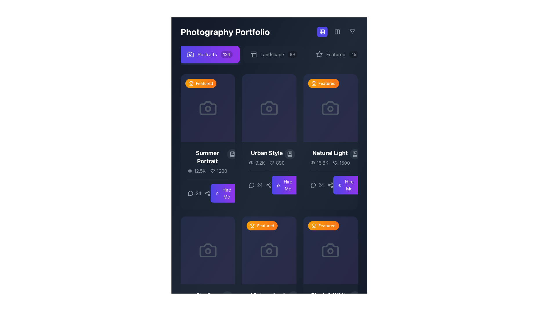 Image resolution: width=557 pixels, height=313 pixels. What do you see at coordinates (335, 163) in the screenshot?
I see `the heart-shaped icon that represents a 'like' or 'favorite' indicator, located to the left of the numerical value '1500' in the bottom section of a card element` at bounding box center [335, 163].